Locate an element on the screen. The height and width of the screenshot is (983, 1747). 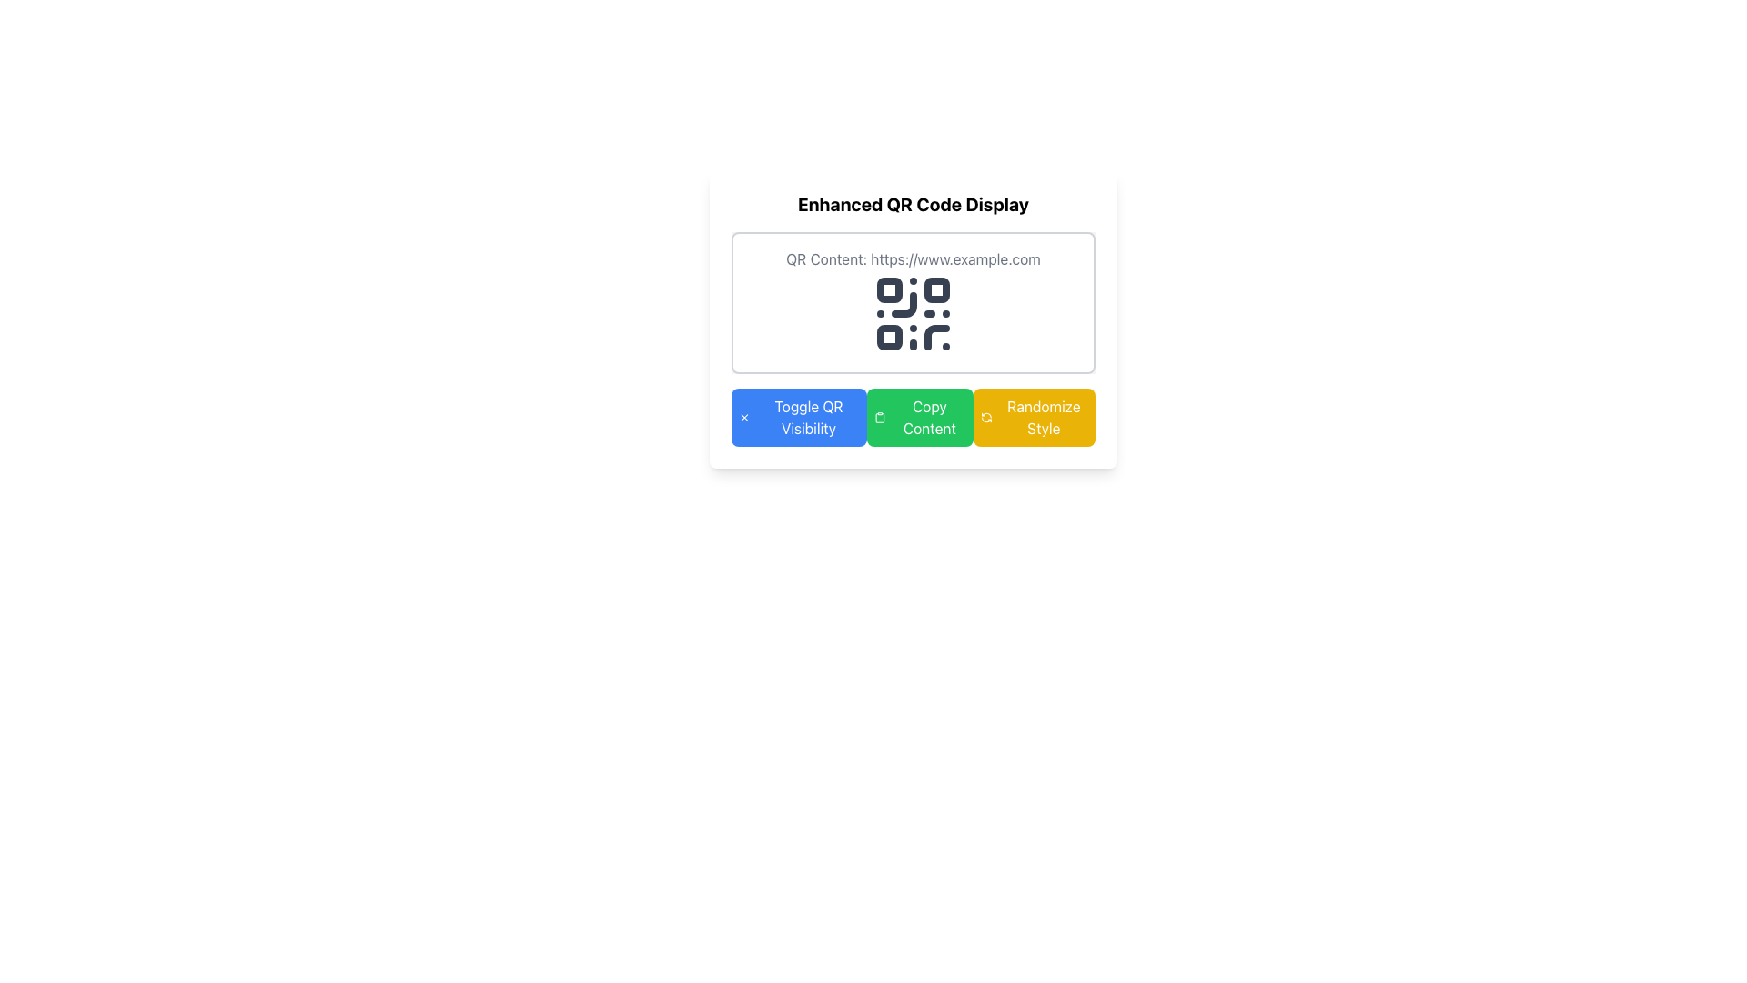
the toggle visibility button for the QR code, which is the first button in a group of three at the bottom left of the panel is located at coordinates (799, 418).